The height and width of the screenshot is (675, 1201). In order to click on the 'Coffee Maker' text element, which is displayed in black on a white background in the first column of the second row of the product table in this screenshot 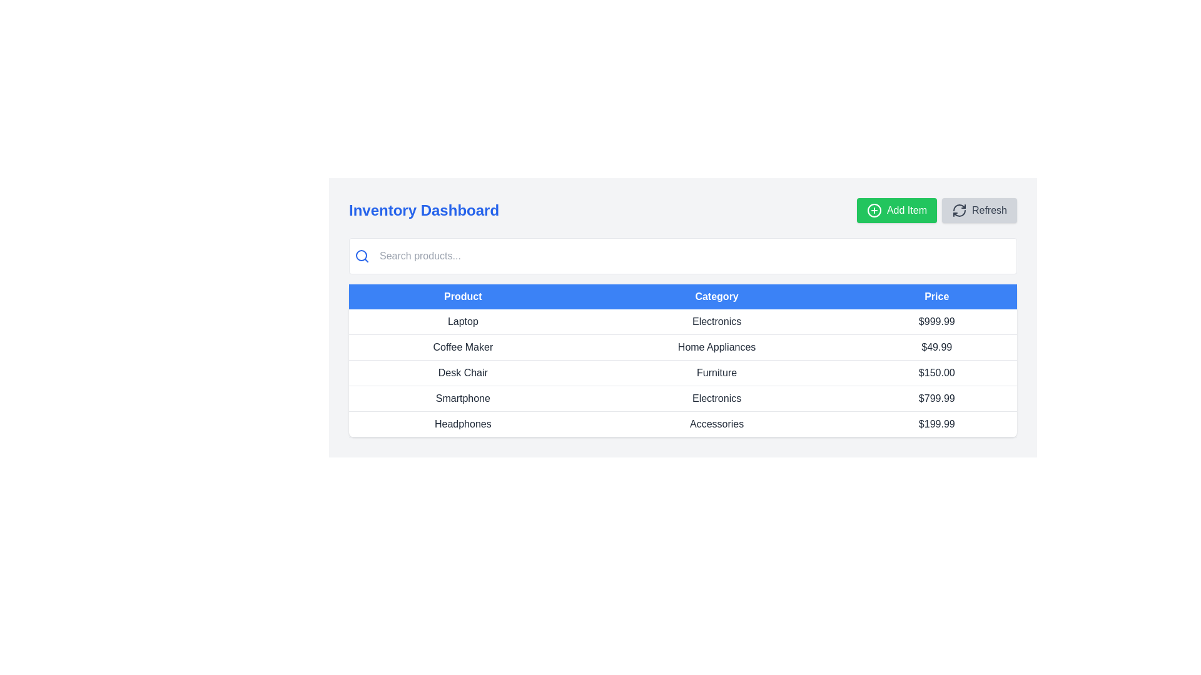, I will do `click(462, 347)`.